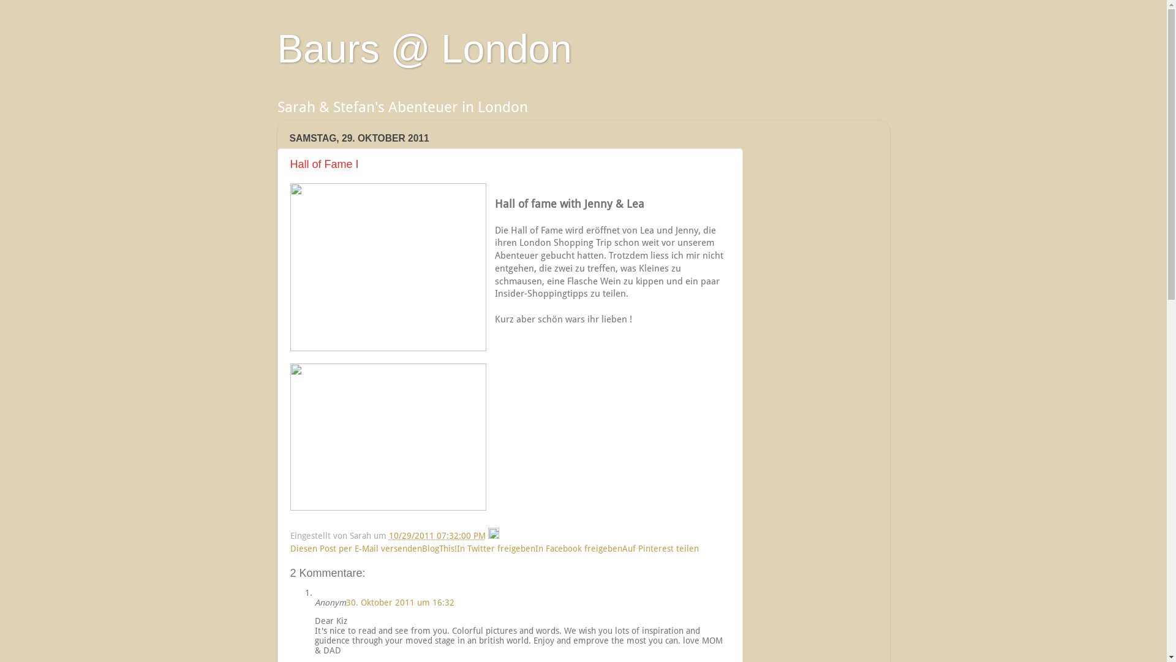 This screenshot has height=662, width=1176. What do you see at coordinates (345, 602) in the screenshot?
I see `'30. Oktober 2011 um 16:32'` at bounding box center [345, 602].